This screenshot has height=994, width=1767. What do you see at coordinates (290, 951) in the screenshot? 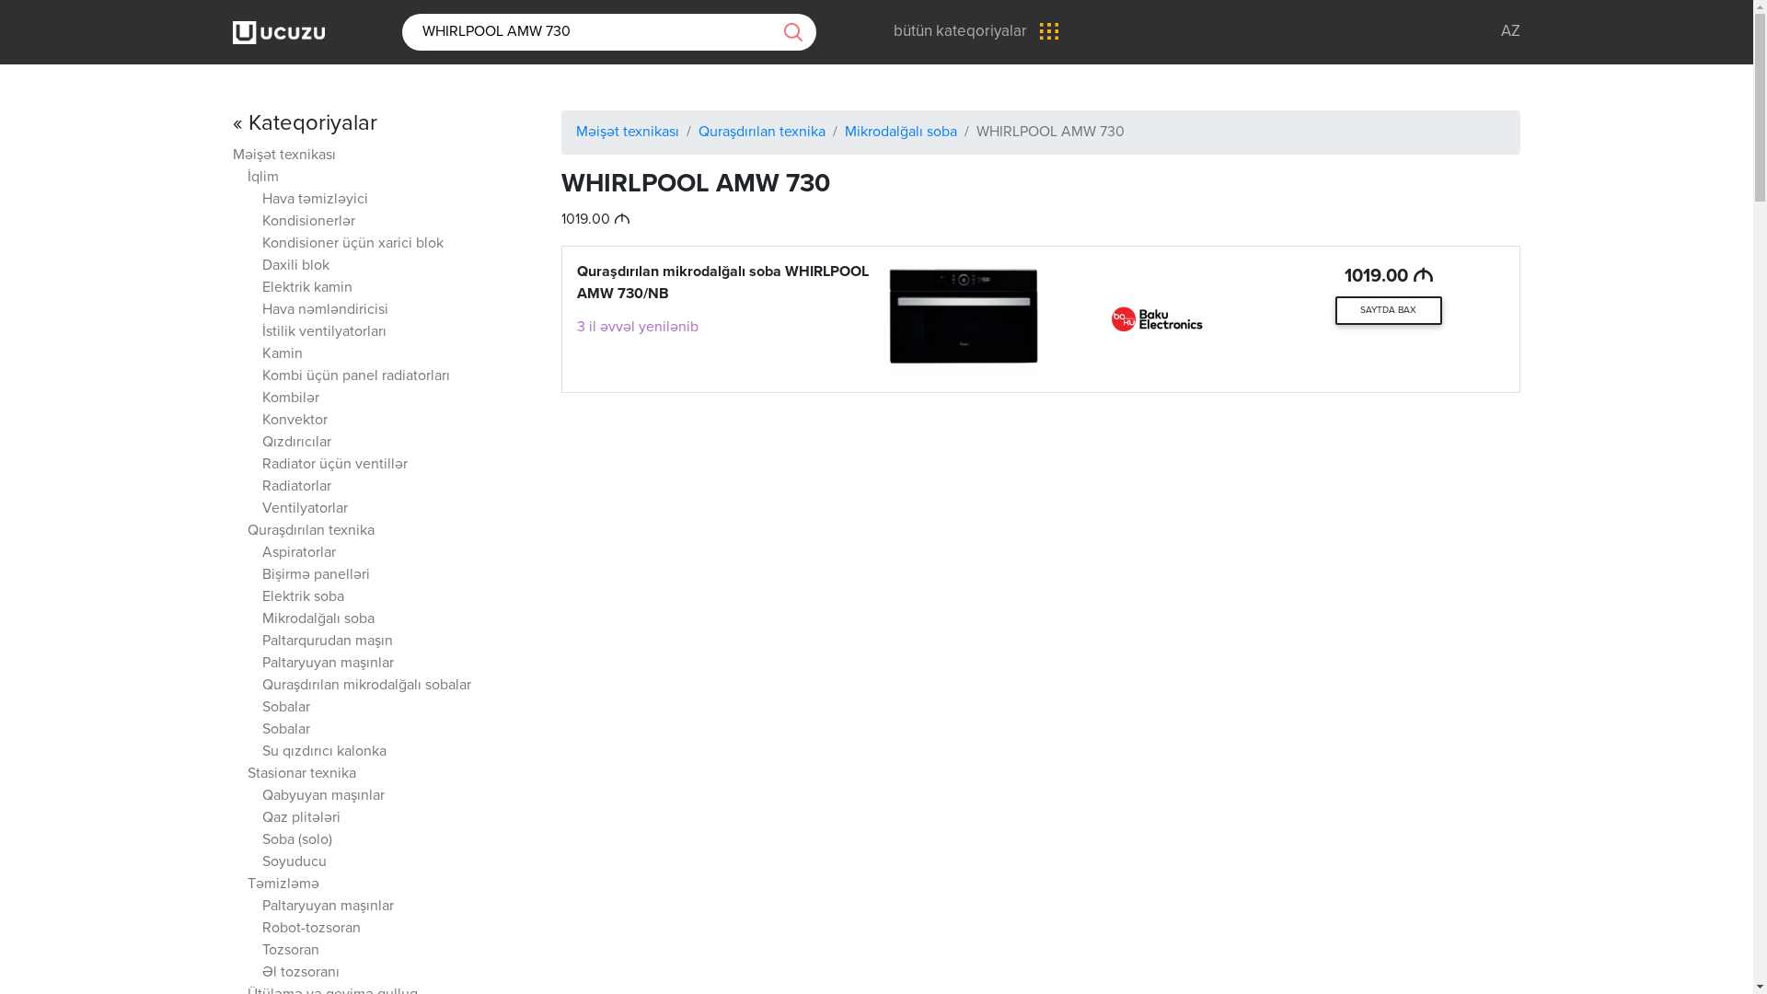
I see `'Tozsoran'` at bounding box center [290, 951].